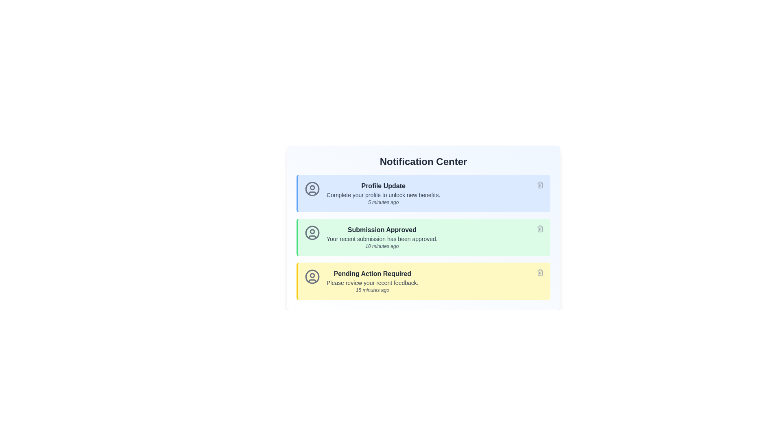  Describe the element at coordinates (540, 273) in the screenshot. I see `the trash can icon located at the end of the 'Pending Action Required' notification card` at that location.